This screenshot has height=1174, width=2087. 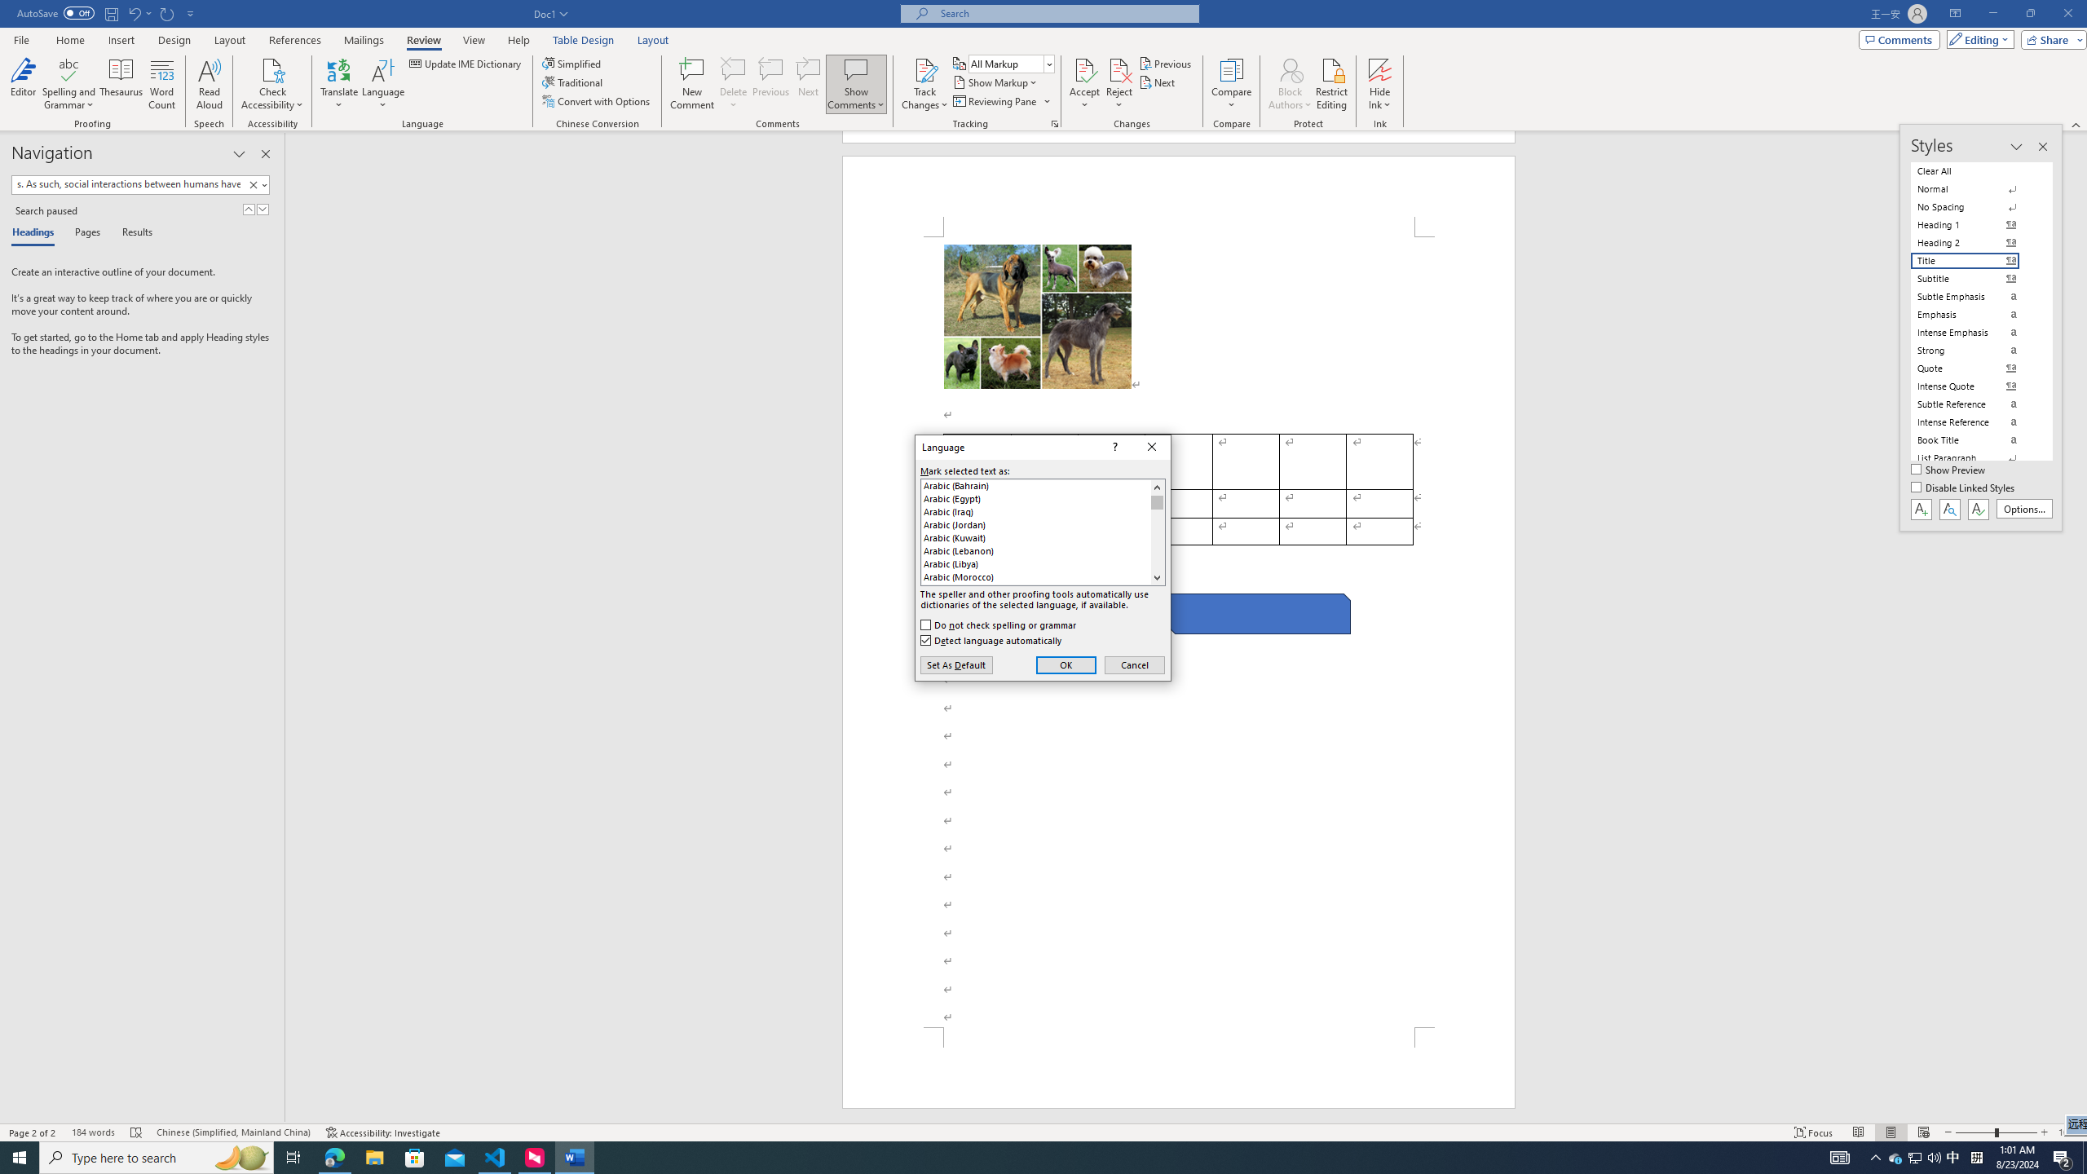 What do you see at coordinates (167, 12) in the screenshot?
I see `'Repeat Style'` at bounding box center [167, 12].